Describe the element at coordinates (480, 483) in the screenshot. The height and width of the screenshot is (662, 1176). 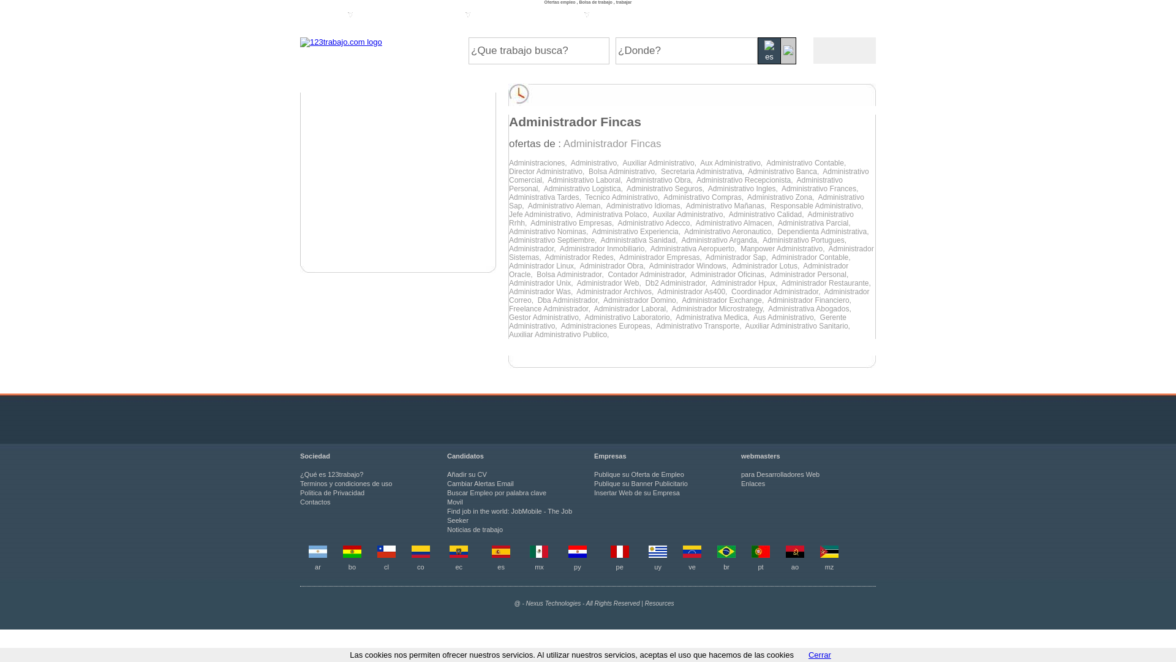
I see `'Cambiar Alertas Email'` at that location.